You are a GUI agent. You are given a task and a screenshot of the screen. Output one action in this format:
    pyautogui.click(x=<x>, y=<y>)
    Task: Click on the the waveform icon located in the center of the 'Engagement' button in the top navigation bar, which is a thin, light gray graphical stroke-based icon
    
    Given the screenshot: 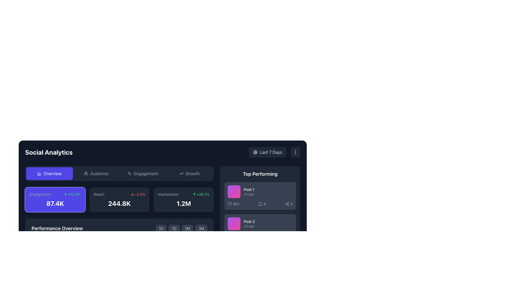 What is the action you would take?
    pyautogui.click(x=129, y=174)
    